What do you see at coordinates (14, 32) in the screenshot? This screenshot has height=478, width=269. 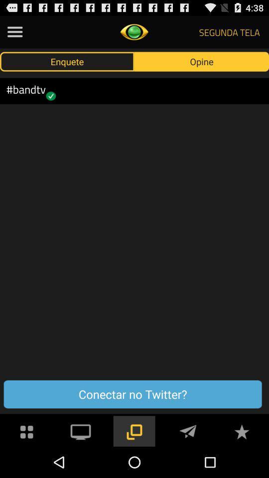 I see `open menu` at bounding box center [14, 32].